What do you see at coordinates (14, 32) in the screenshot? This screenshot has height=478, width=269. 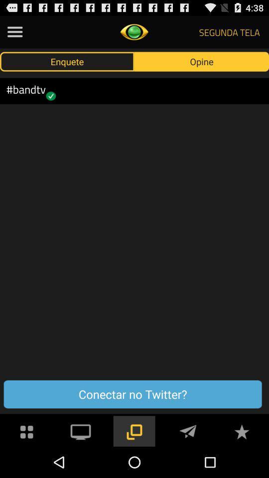 I see `open menu` at bounding box center [14, 32].